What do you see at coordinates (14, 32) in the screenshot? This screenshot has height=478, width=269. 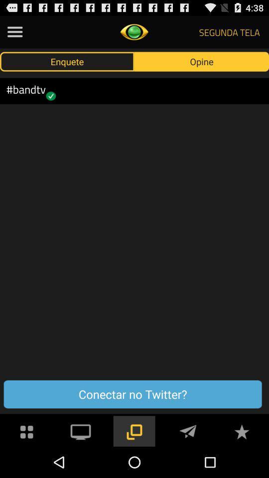 I see `open menu` at bounding box center [14, 32].